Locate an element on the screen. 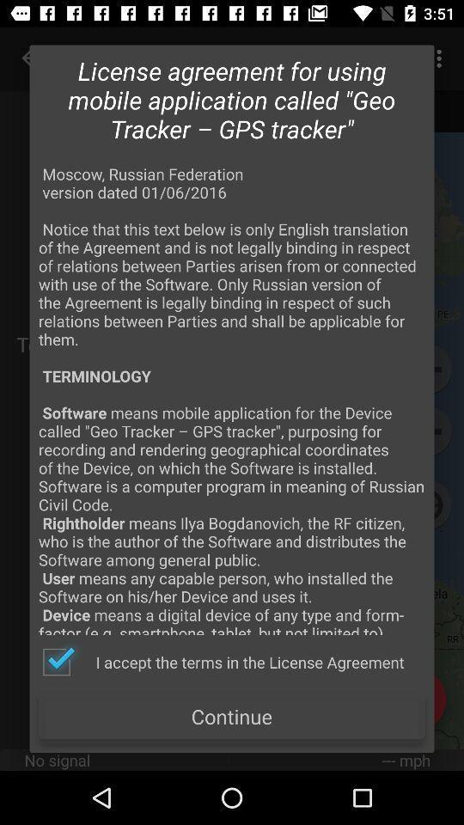 The height and width of the screenshot is (825, 464). the icon above continue item is located at coordinates (223, 661).